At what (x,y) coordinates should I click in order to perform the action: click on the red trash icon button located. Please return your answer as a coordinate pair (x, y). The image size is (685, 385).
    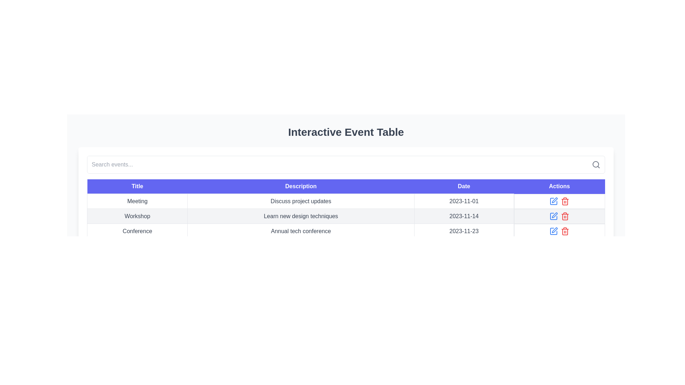
    Looking at the image, I should click on (565, 201).